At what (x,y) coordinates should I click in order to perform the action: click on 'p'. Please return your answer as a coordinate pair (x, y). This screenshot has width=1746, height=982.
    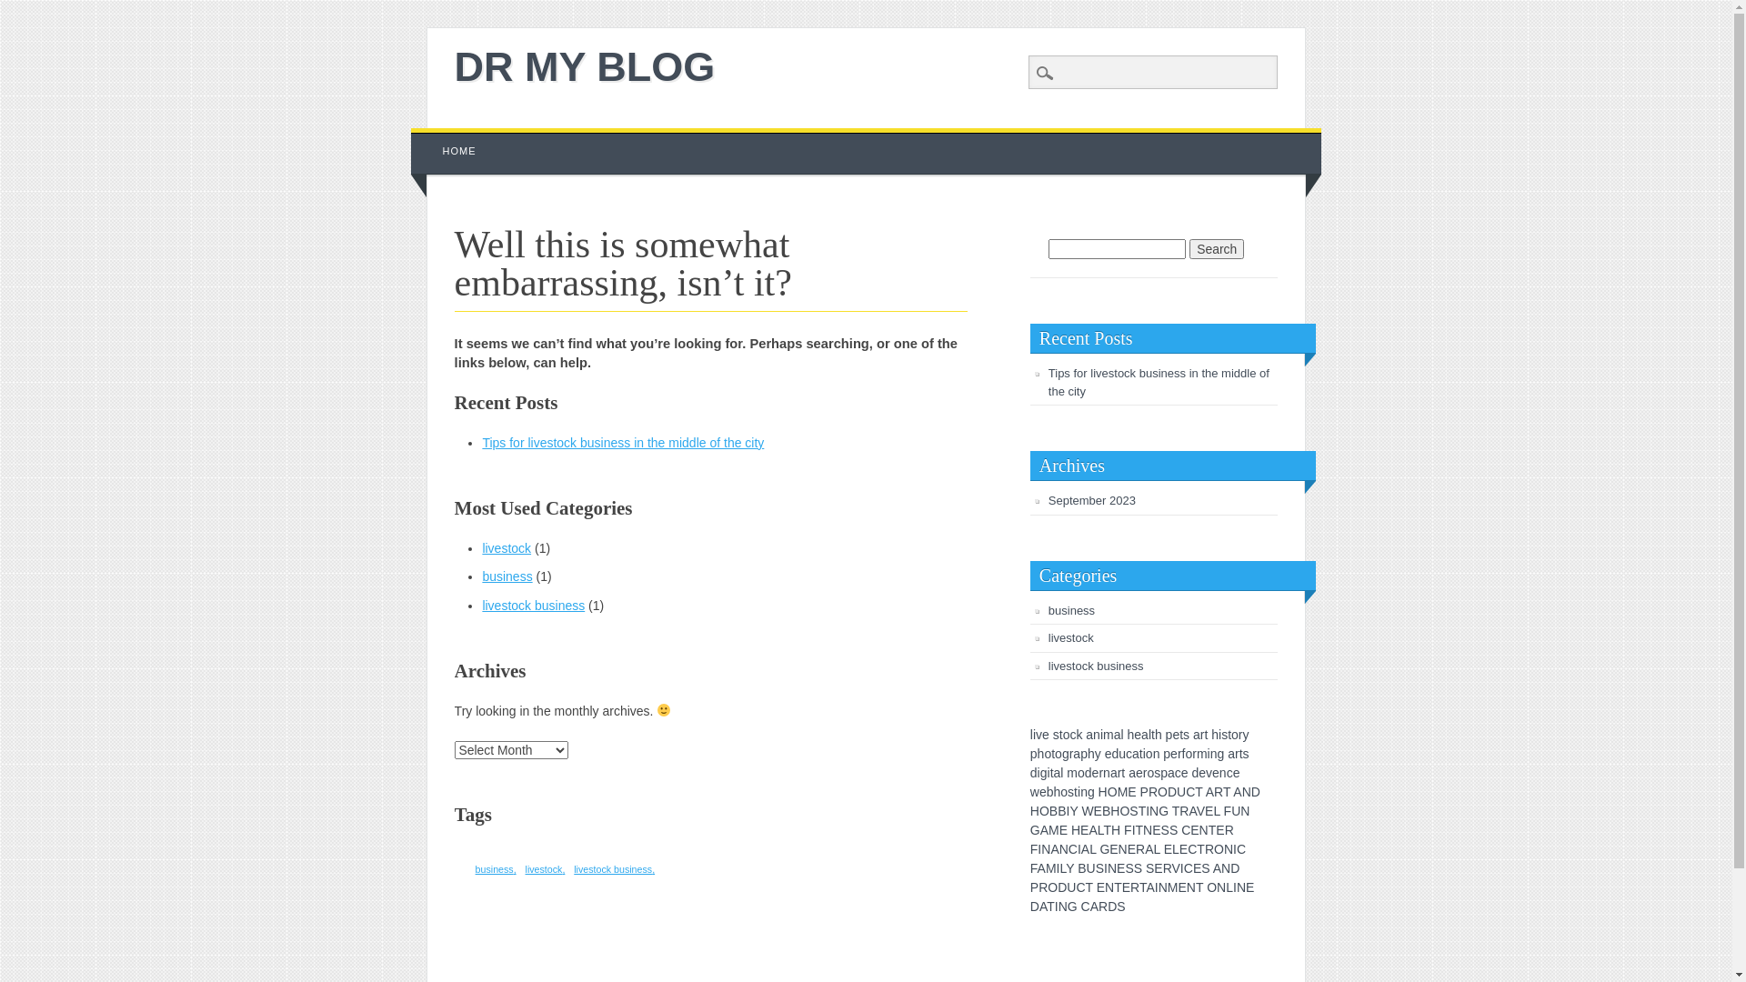
    Looking at the image, I should click on (1083, 754).